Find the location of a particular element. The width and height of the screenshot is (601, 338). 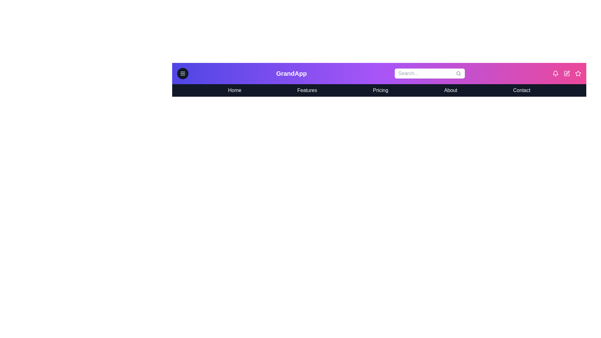

the edit icon in the app bar is located at coordinates (567, 73).